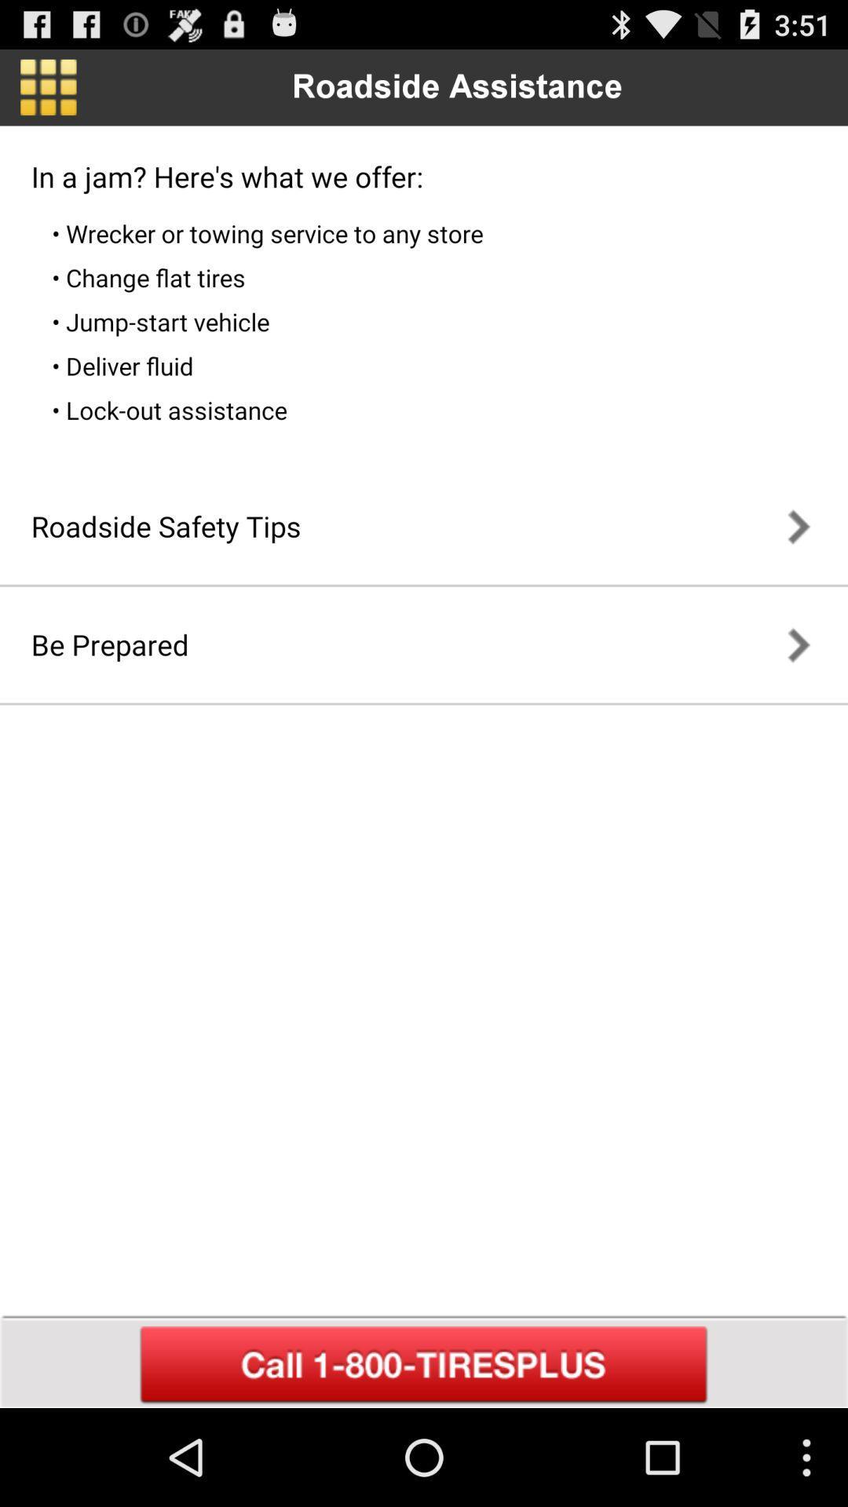  Describe the element at coordinates (47, 86) in the screenshot. I see `go back` at that location.